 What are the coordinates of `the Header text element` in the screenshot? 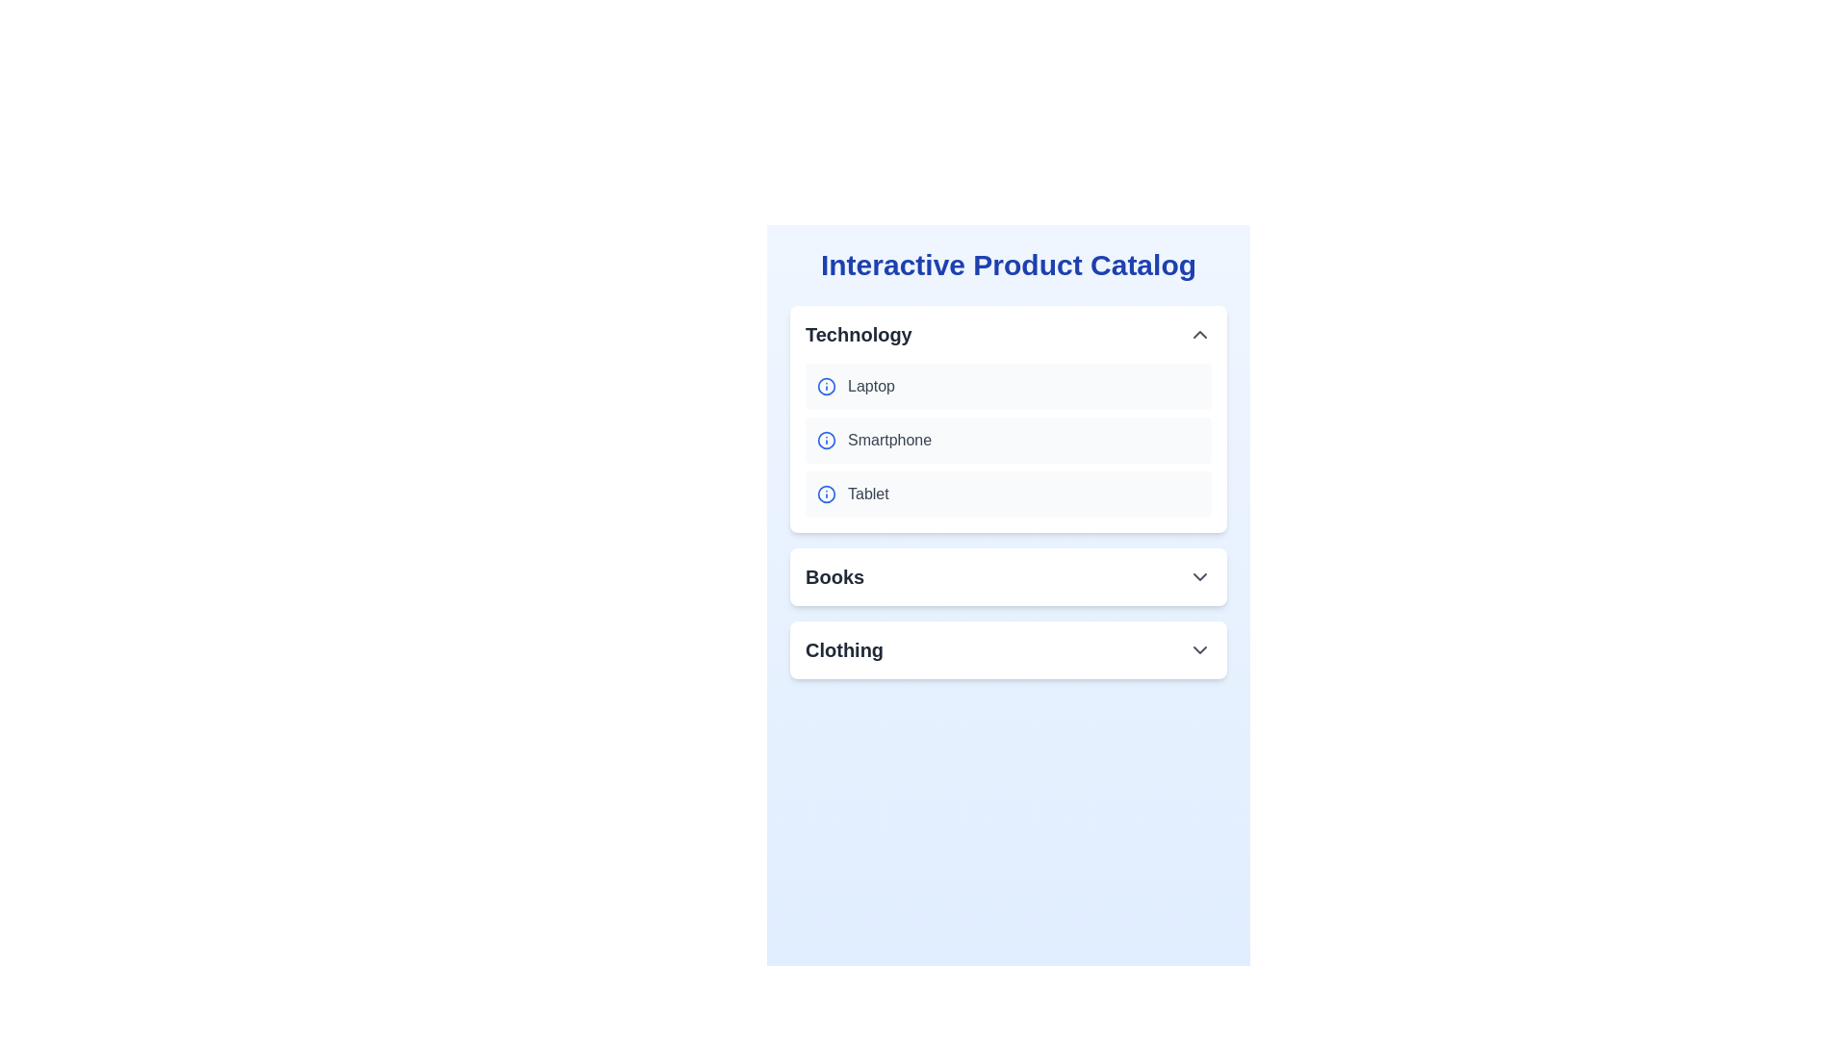 It's located at (1007, 266).